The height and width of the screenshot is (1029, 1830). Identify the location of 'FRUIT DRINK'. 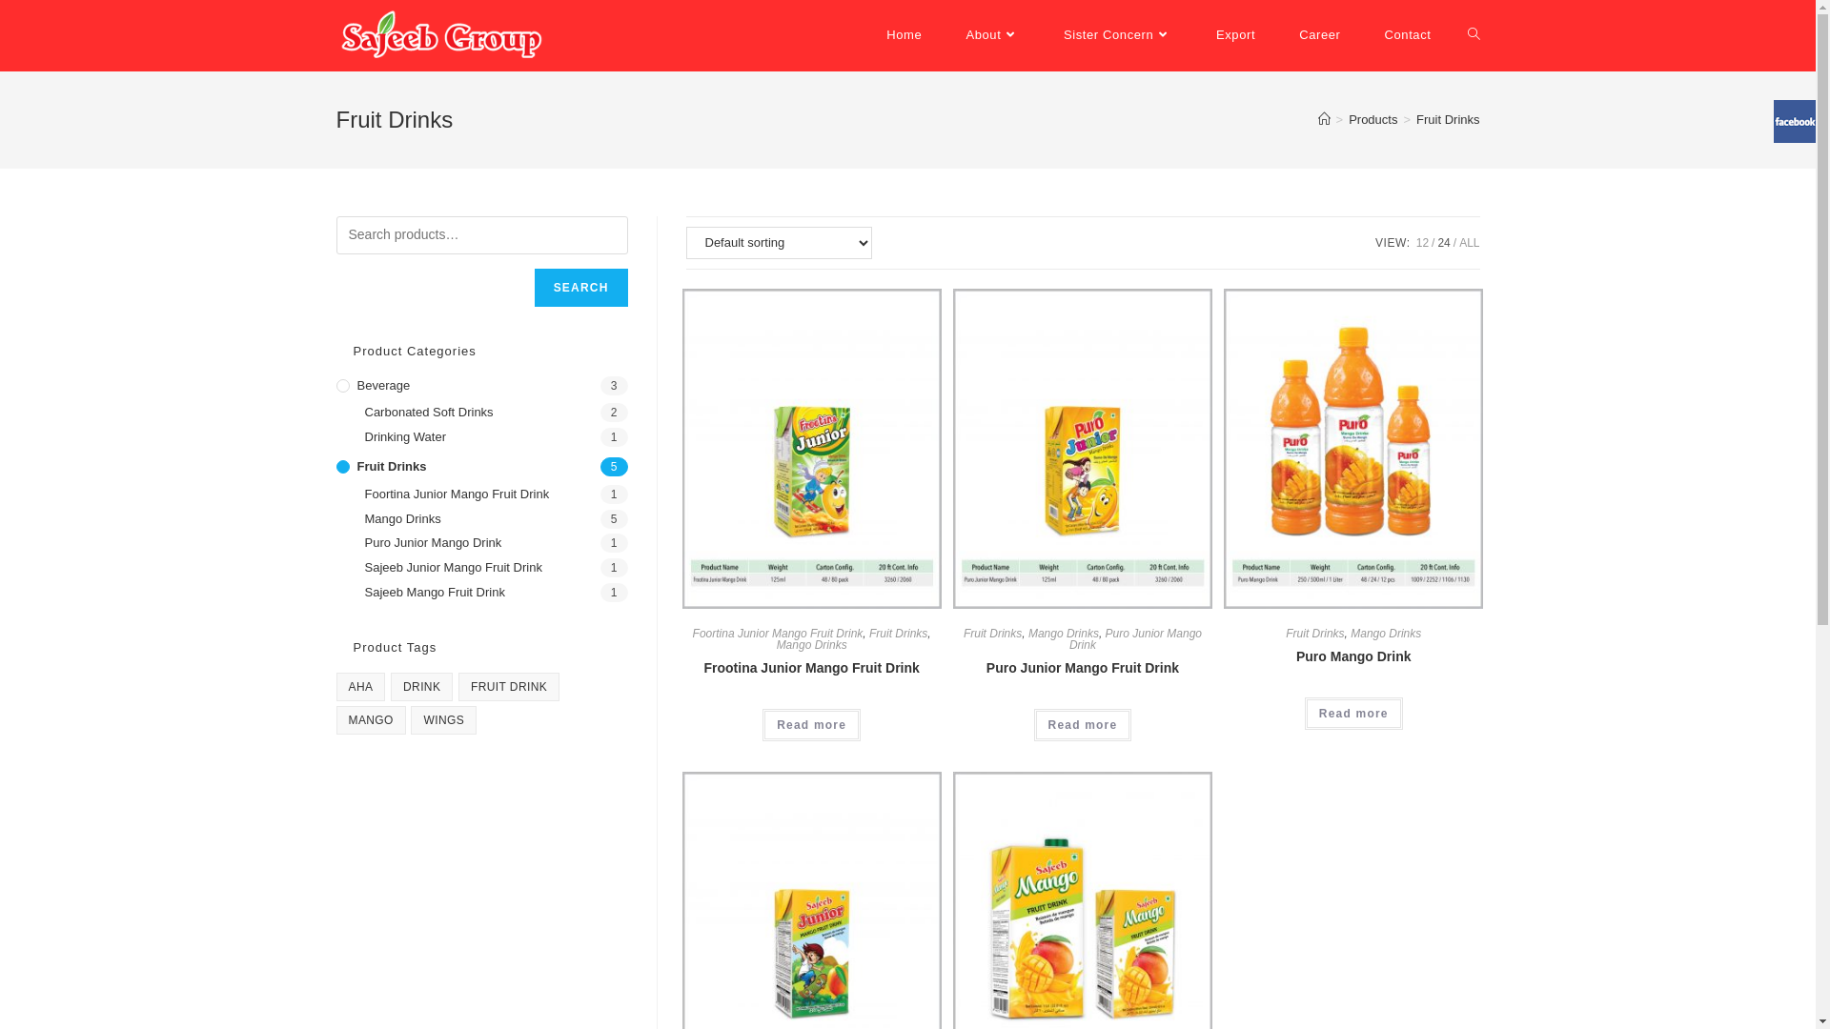
(508, 687).